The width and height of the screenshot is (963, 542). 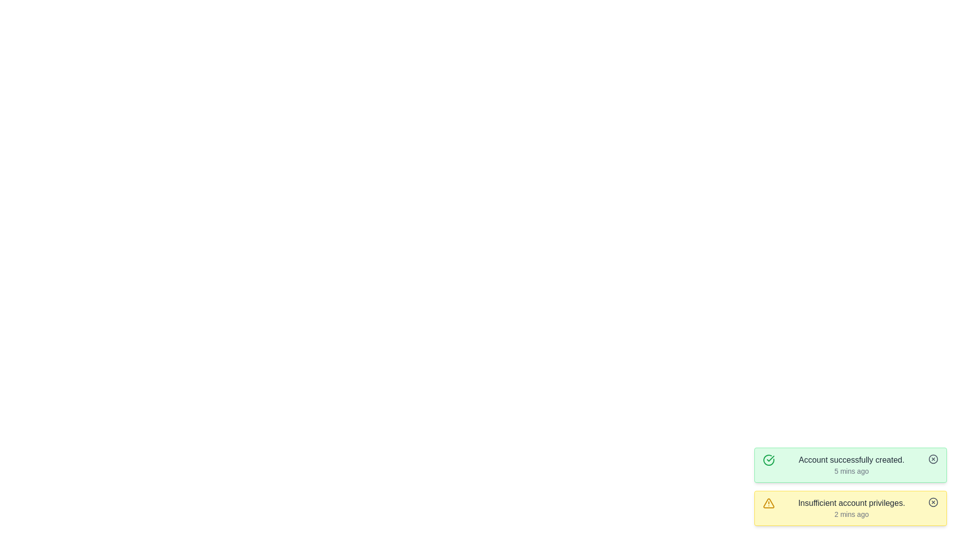 I want to click on the checkmark icon located on the left side of the green notification bar that indicates 'Account successfully created.', so click(x=770, y=459).